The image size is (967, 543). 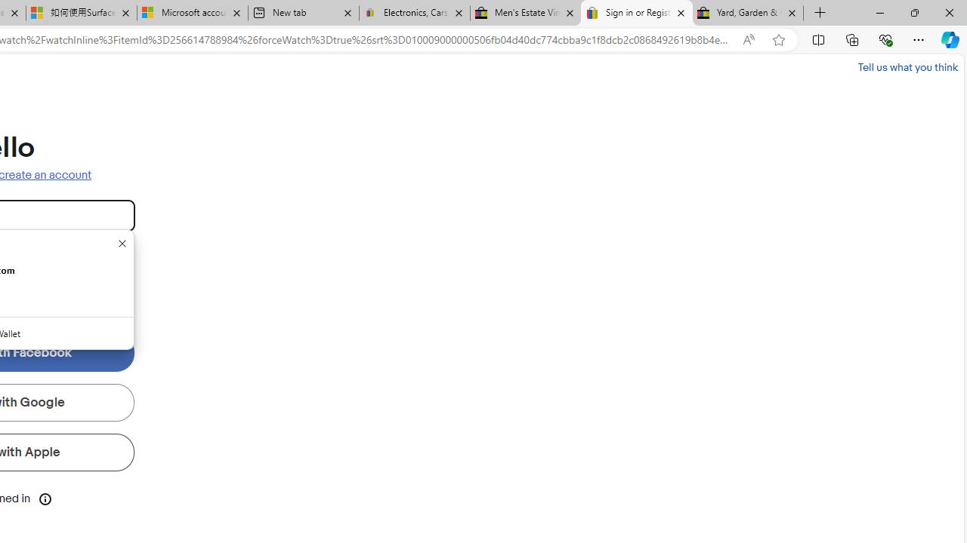 I want to click on 'Yard, Garden & Outdoor Living', so click(x=748, y=13).